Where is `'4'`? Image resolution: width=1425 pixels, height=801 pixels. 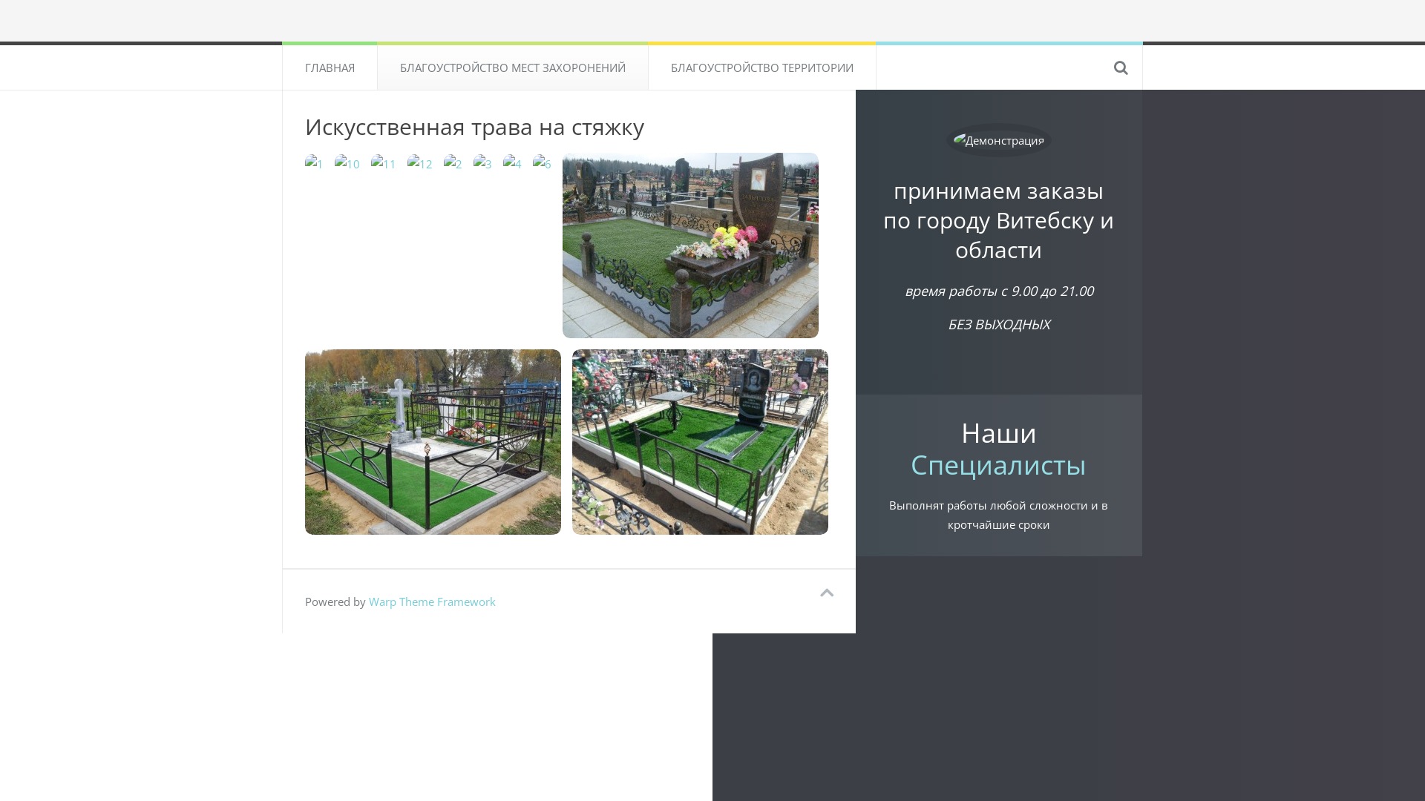
'4' is located at coordinates (512, 162).